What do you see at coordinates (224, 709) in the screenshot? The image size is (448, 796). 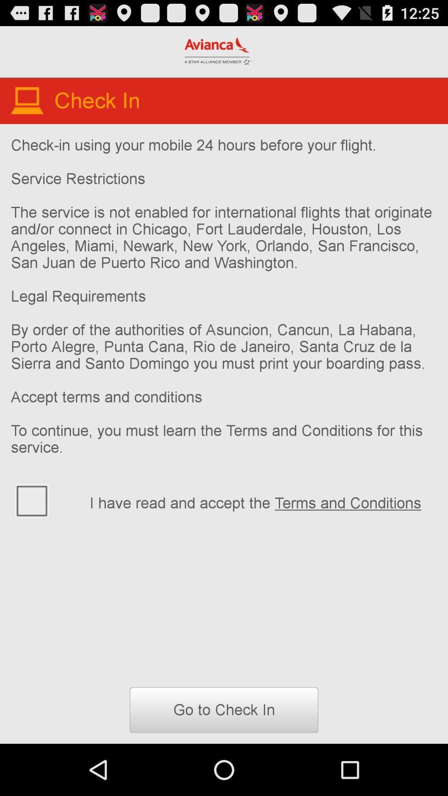 I see `go to check icon` at bounding box center [224, 709].